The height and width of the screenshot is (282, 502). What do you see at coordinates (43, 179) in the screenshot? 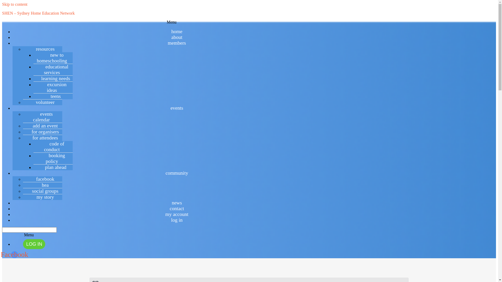
I see `'facebook'` at bounding box center [43, 179].